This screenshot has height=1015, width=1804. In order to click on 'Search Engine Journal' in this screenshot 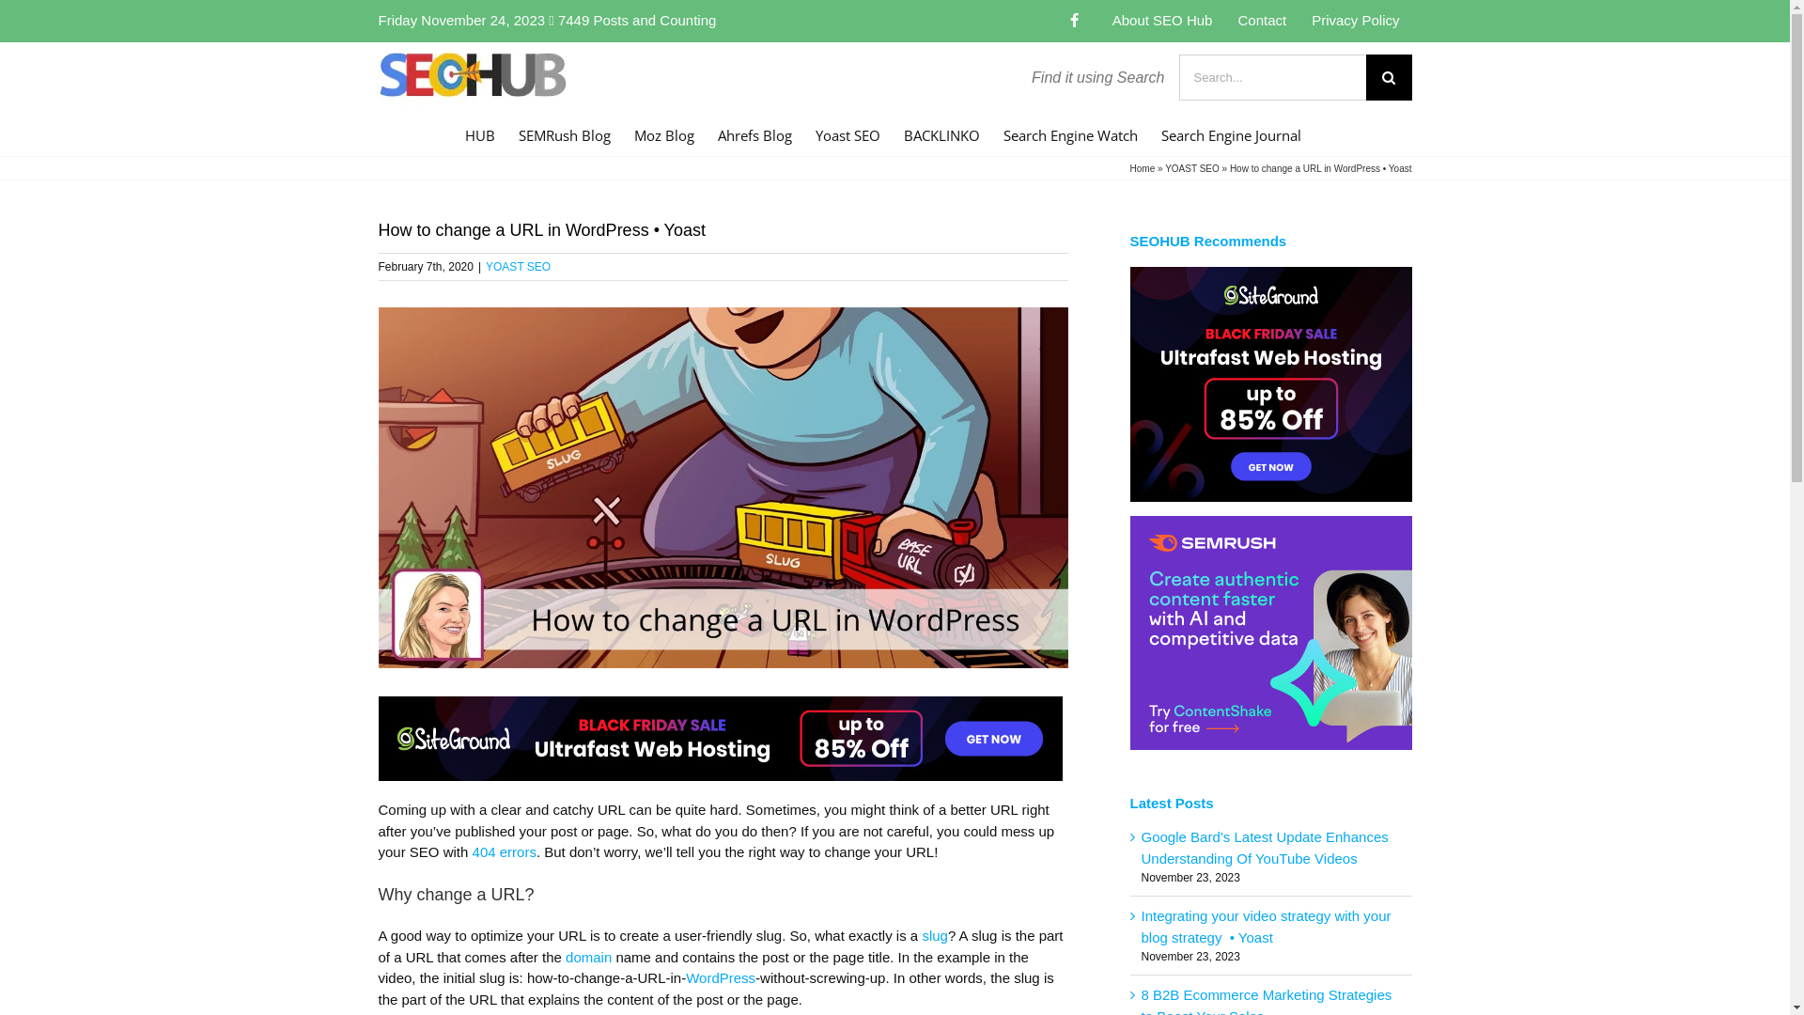, I will do `click(1231, 133)`.